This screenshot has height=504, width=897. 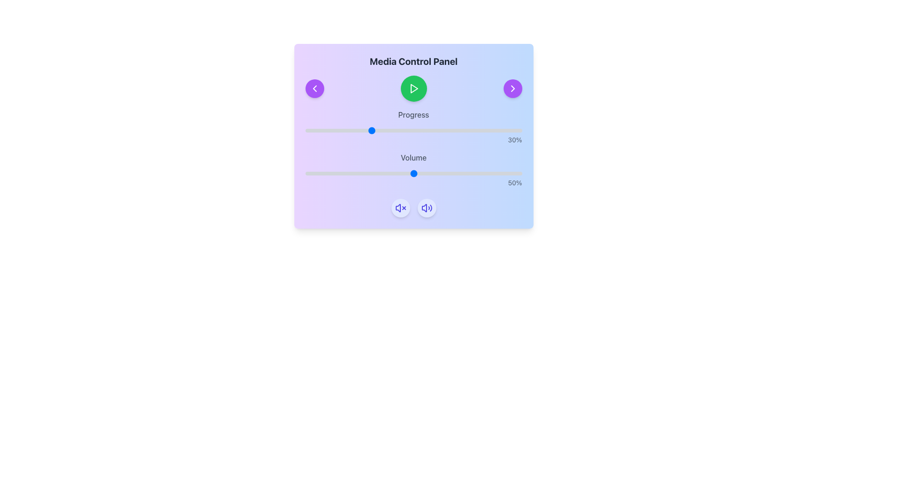 I want to click on the progress, so click(x=327, y=131).